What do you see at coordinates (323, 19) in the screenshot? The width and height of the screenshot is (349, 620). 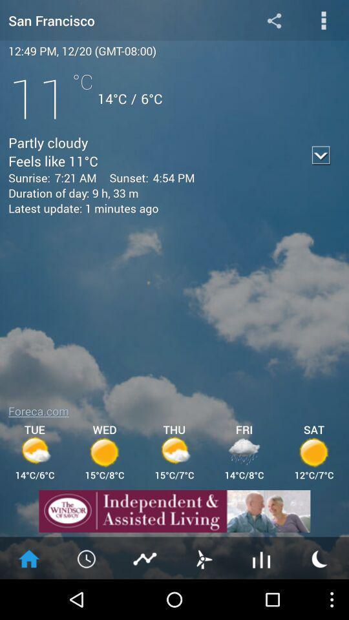 I see `open drop down menu` at bounding box center [323, 19].